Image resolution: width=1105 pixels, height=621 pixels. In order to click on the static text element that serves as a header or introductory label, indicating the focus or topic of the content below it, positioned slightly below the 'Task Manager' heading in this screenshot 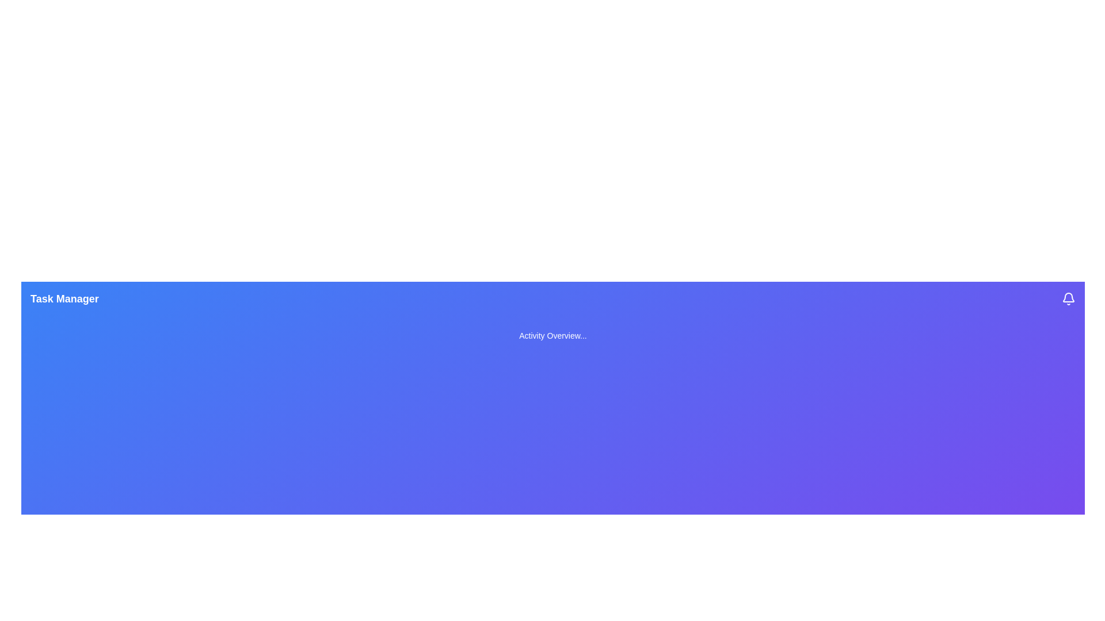, I will do `click(552, 335)`.